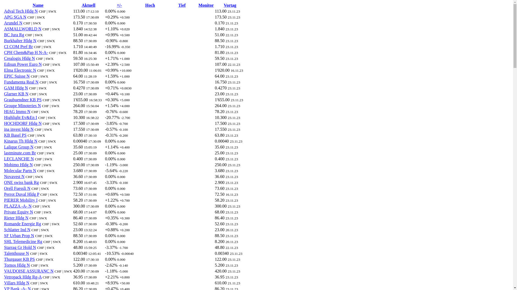  What do you see at coordinates (22, 194) in the screenshot?
I see `'Perrot Duval Hldg P'` at bounding box center [22, 194].